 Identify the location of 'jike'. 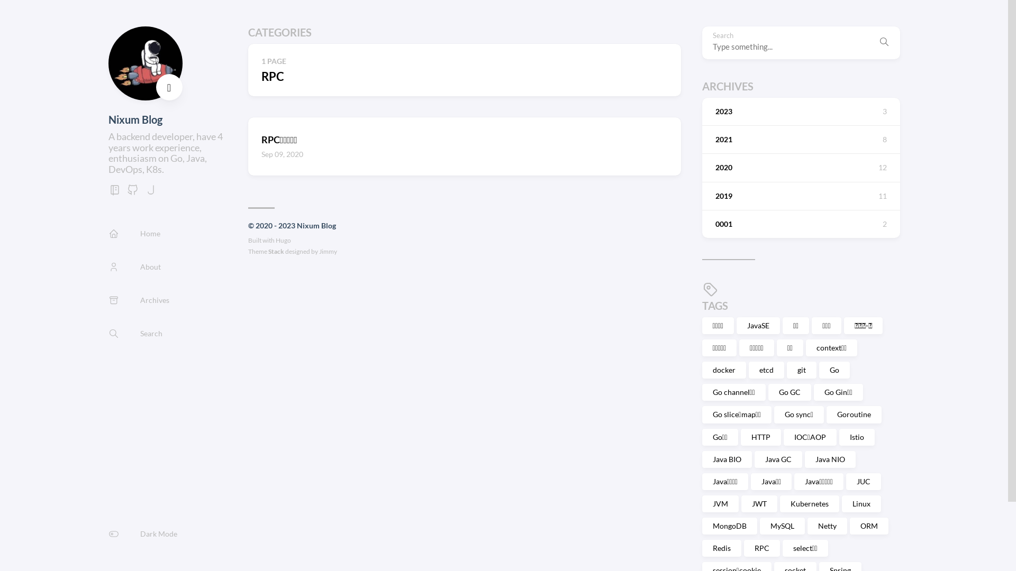
(149, 192).